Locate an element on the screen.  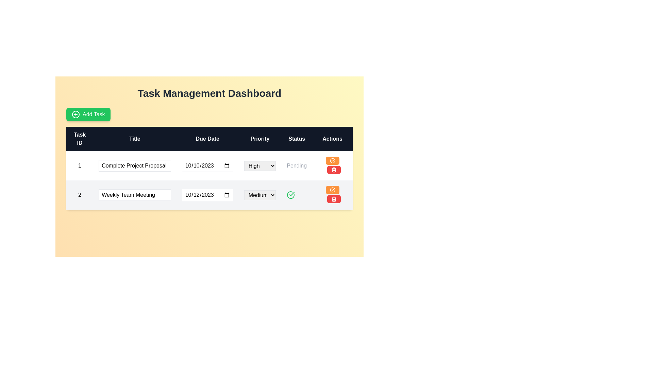
the 'Pending' status label in the 'Status' column of the task table for the task titled 'Complete Project Proposal' is located at coordinates (297, 165).